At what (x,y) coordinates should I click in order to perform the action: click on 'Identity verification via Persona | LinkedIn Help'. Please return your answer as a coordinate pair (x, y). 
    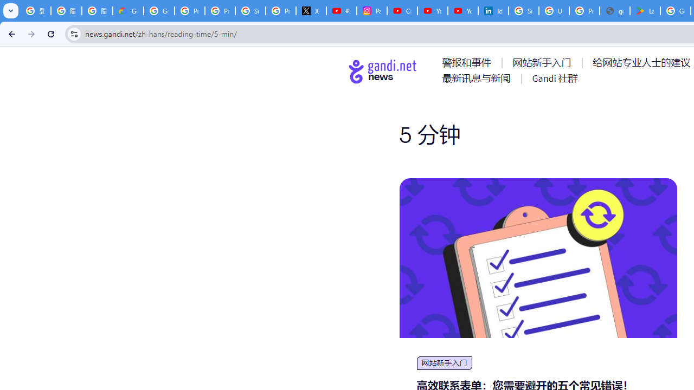
    Looking at the image, I should click on (493, 11).